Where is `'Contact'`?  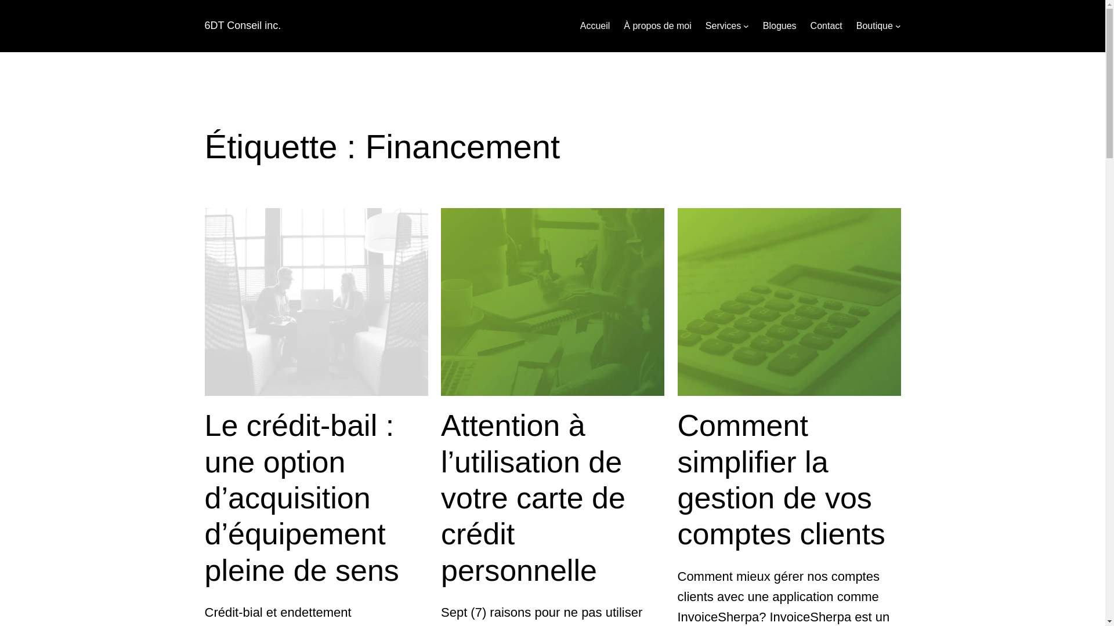 'Contact' is located at coordinates (826, 26).